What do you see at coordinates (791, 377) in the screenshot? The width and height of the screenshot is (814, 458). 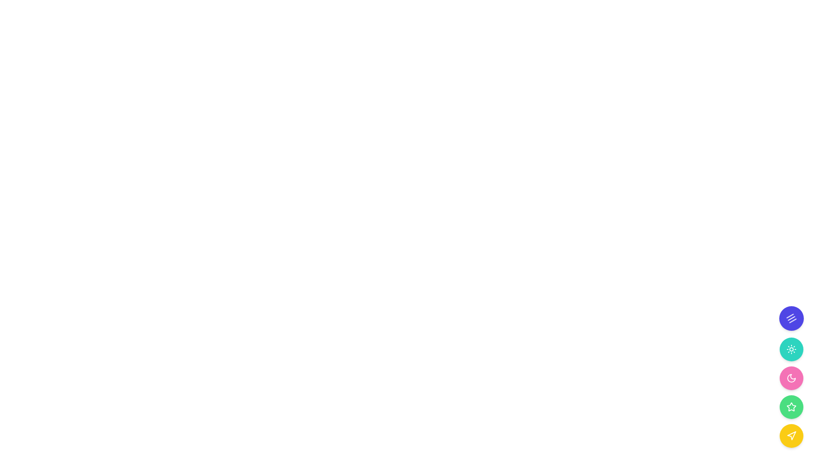 I see `the moon-like icon within the third circular button from the top, which has a pink background` at bounding box center [791, 377].